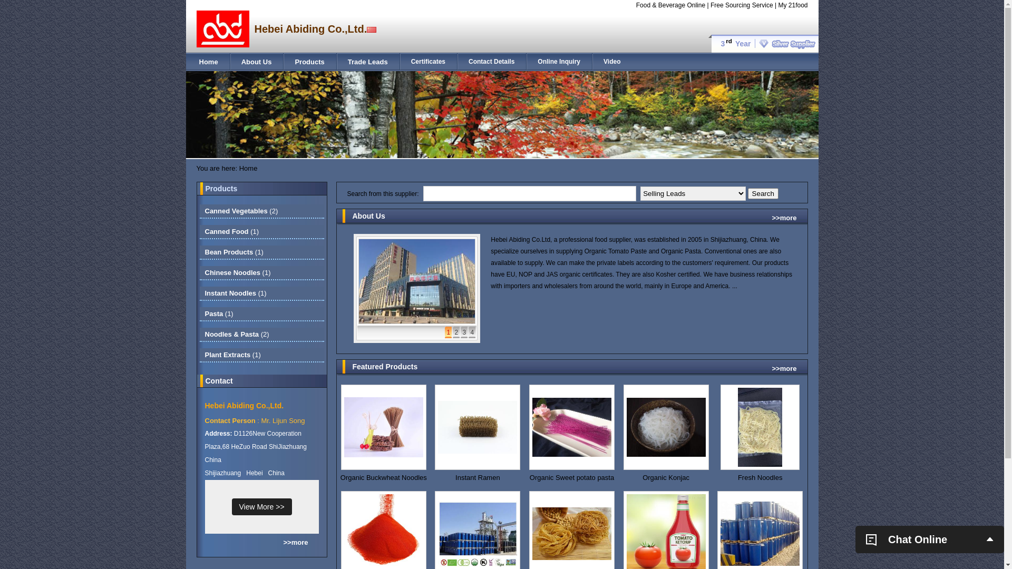 The height and width of the screenshot is (569, 1012). What do you see at coordinates (763, 43) in the screenshot?
I see `'3rdYear'` at bounding box center [763, 43].